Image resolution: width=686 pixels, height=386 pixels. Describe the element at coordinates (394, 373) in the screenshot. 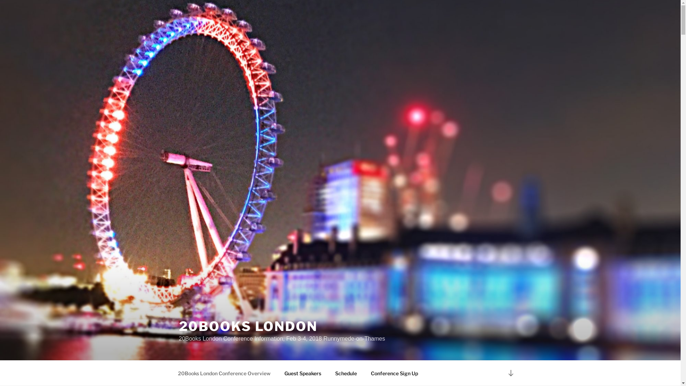

I see `'Conference Sign Up'` at that location.